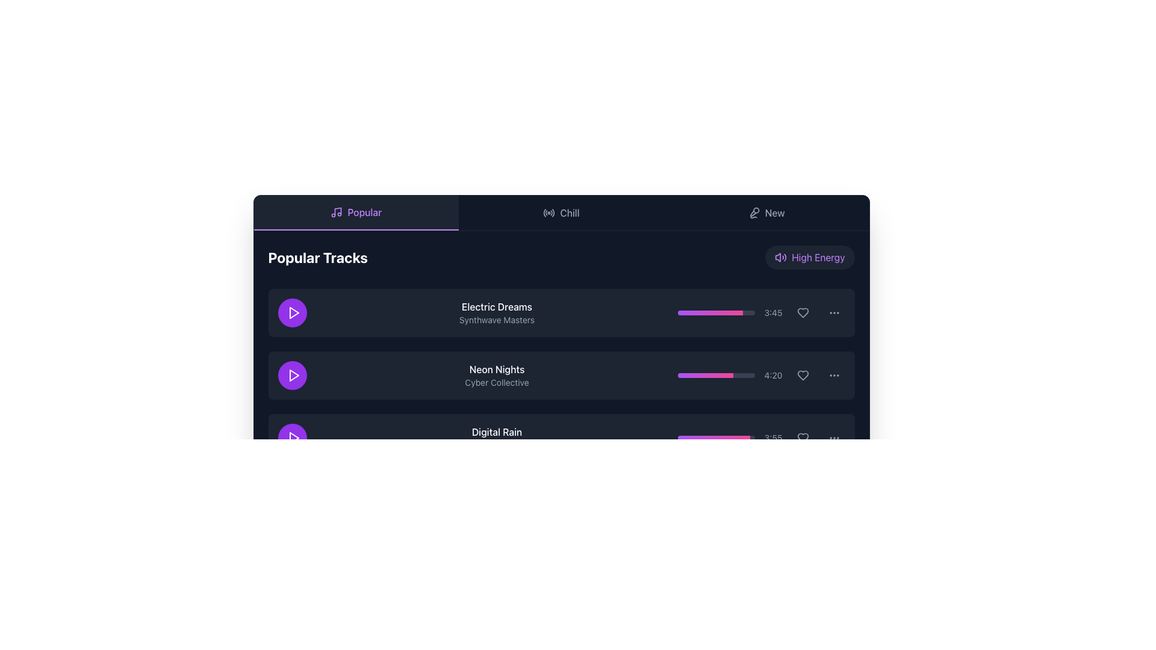 The height and width of the screenshot is (650, 1156). What do you see at coordinates (713, 438) in the screenshot?
I see `the slider value` at bounding box center [713, 438].